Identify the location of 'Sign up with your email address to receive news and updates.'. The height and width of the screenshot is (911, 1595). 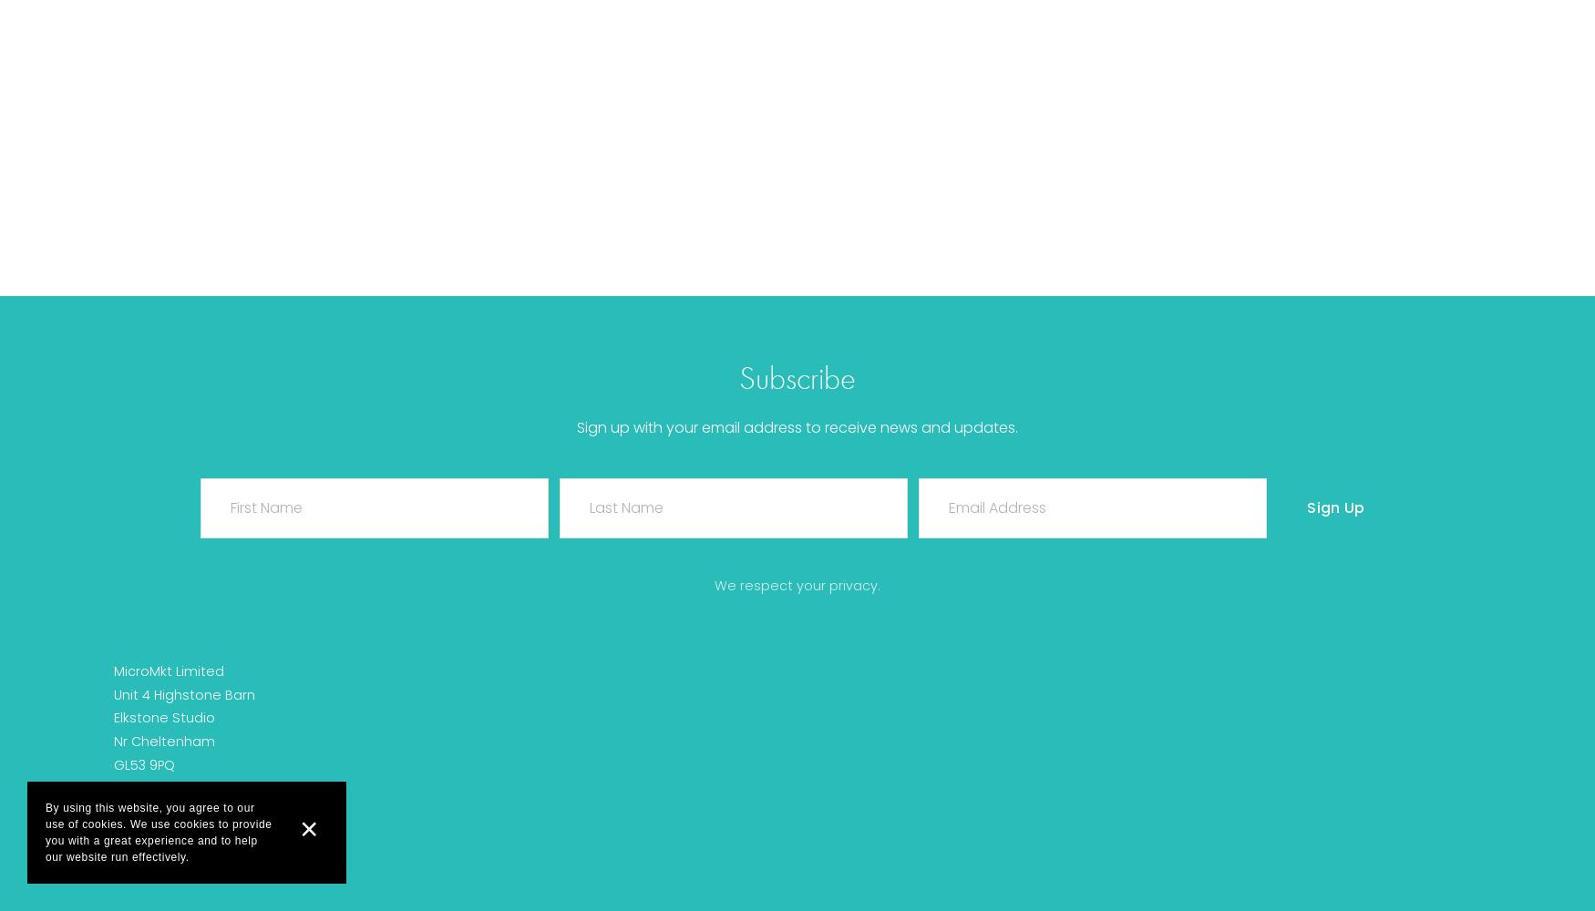
(575, 426).